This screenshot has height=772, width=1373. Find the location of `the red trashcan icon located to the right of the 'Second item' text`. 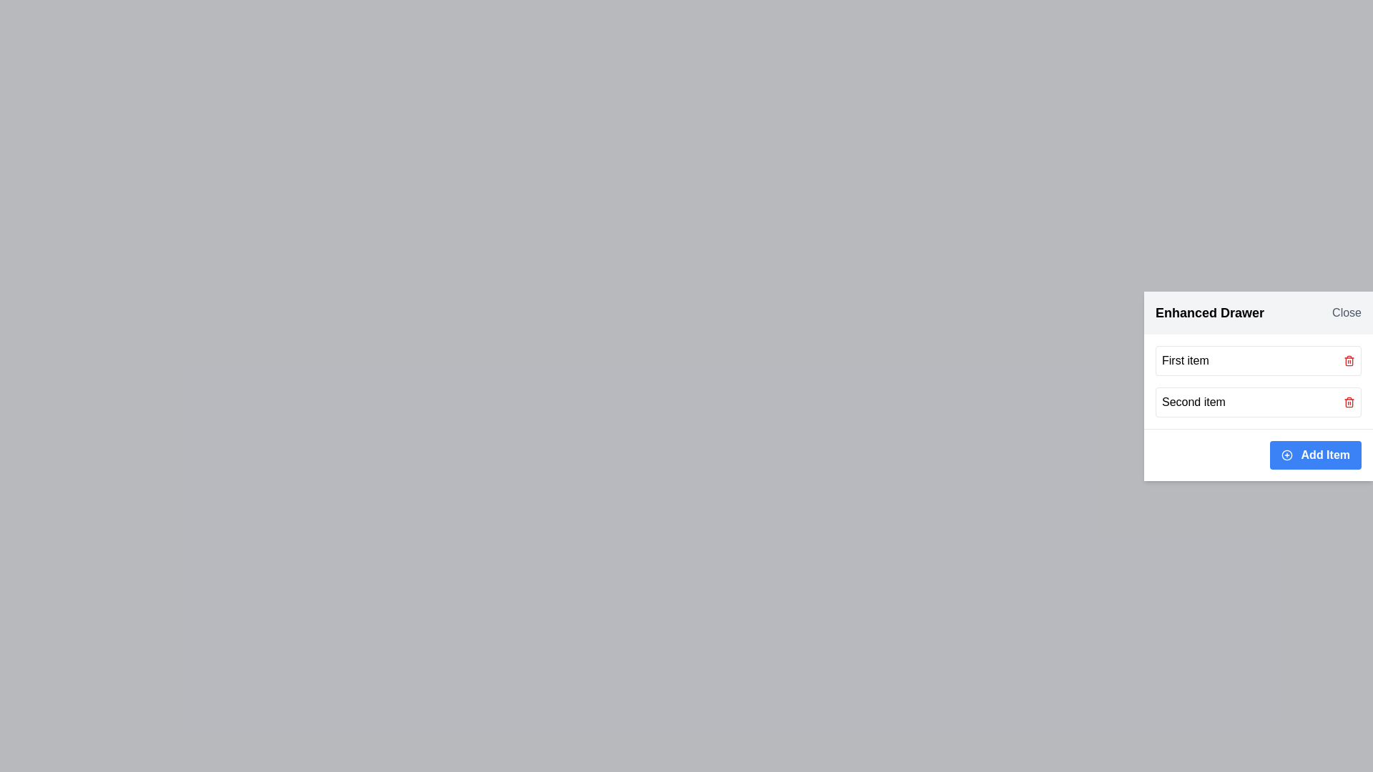

the red trashcan icon located to the right of the 'Second item' text is located at coordinates (1348, 402).